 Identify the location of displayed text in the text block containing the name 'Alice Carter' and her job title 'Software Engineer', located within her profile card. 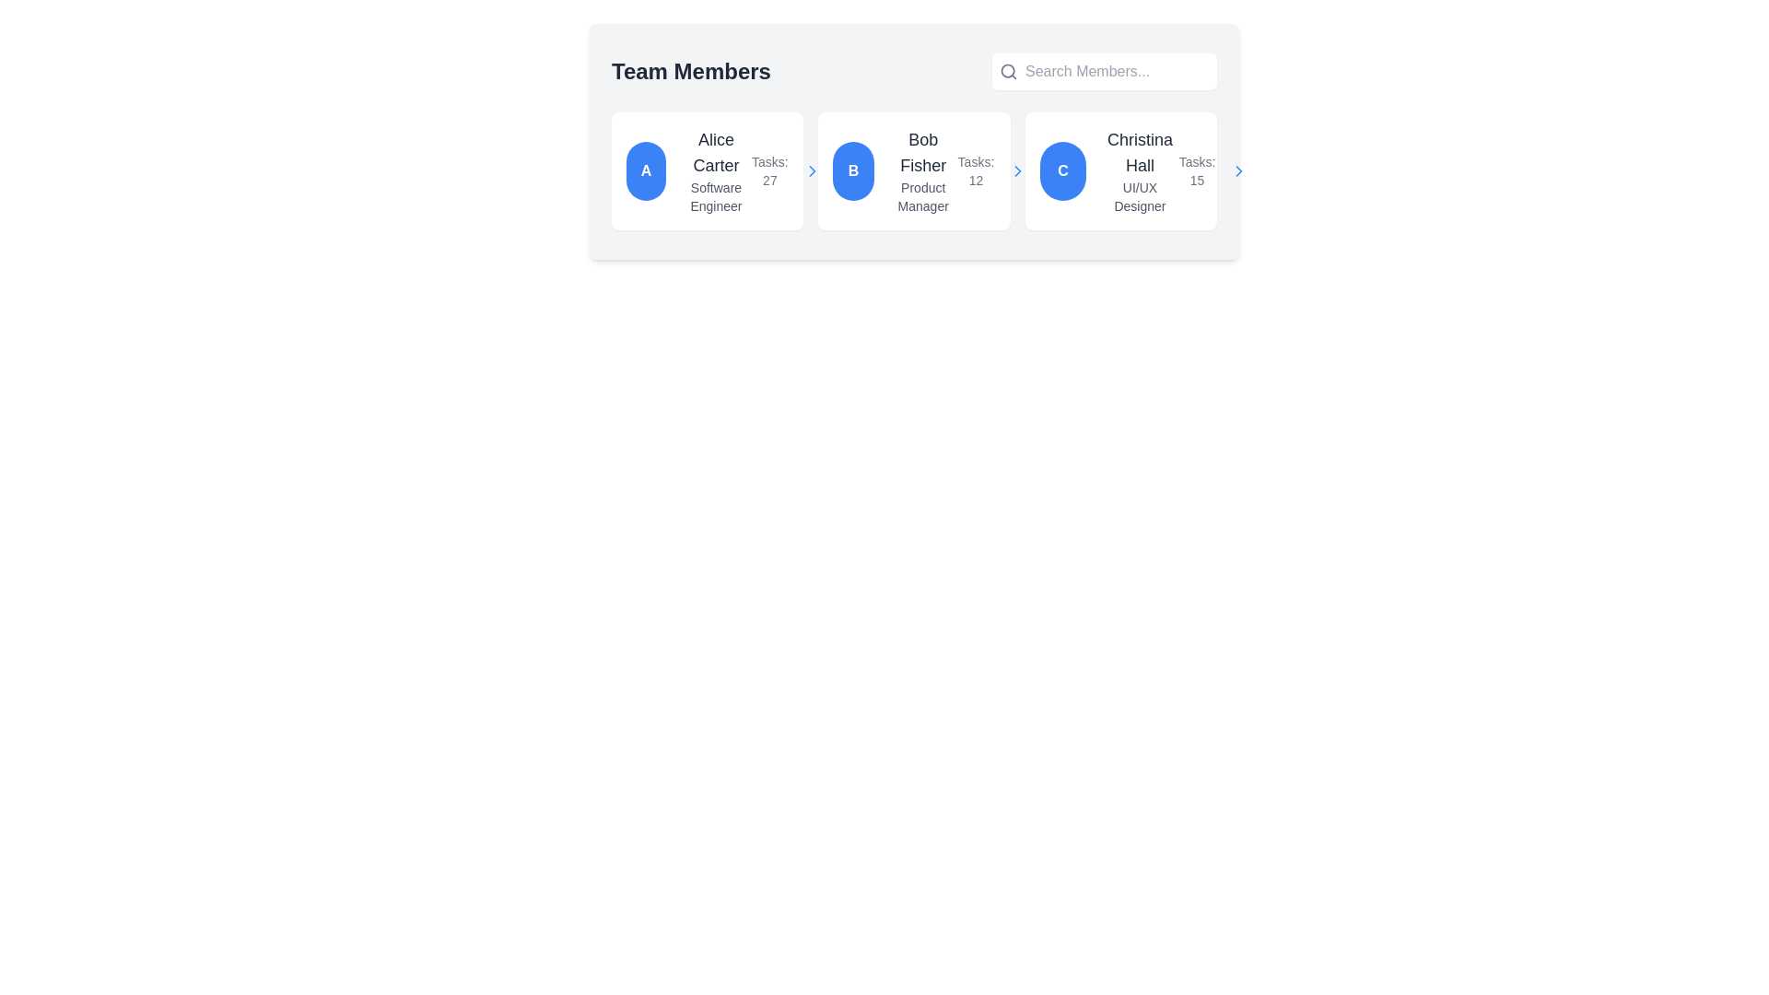
(715, 170).